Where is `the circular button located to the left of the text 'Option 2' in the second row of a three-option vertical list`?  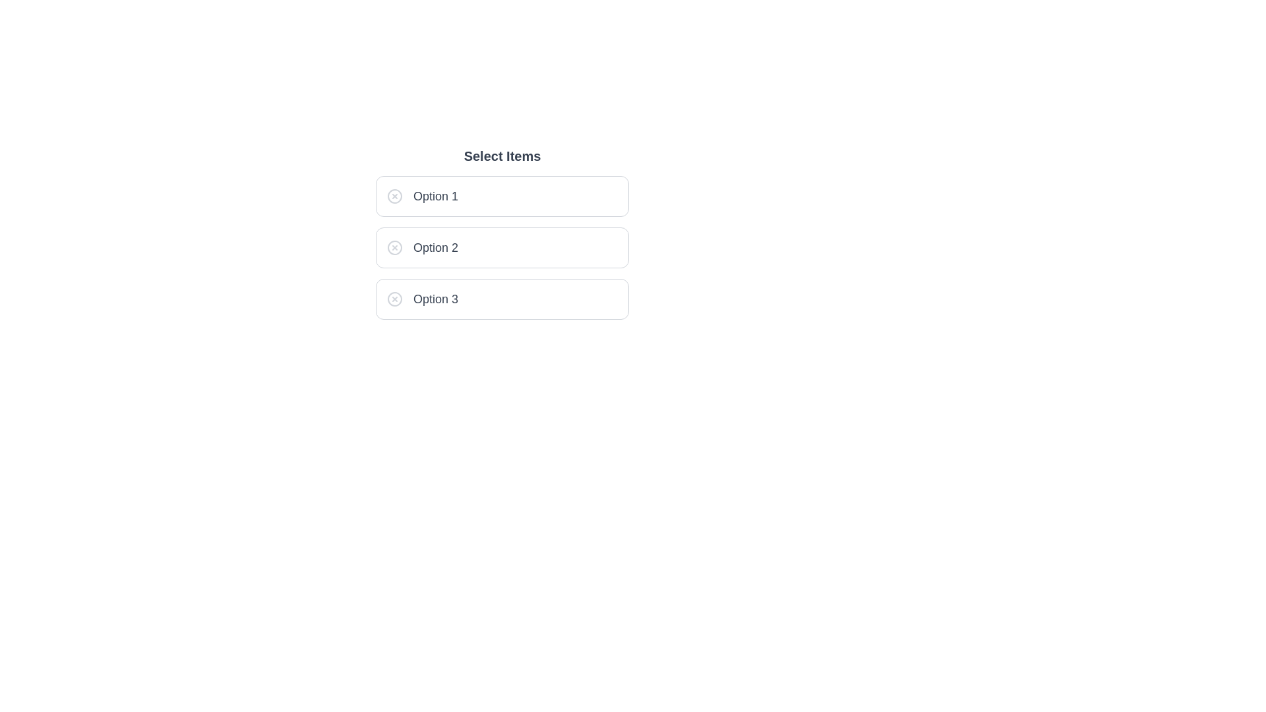 the circular button located to the left of the text 'Option 2' in the second row of a three-option vertical list is located at coordinates (394, 247).